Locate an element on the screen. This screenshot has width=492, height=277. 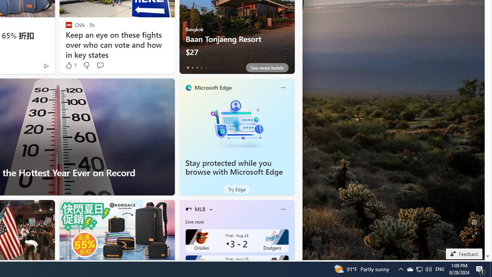
'Stay protected while you browse with Microsoft Edge' is located at coordinates (236, 123).